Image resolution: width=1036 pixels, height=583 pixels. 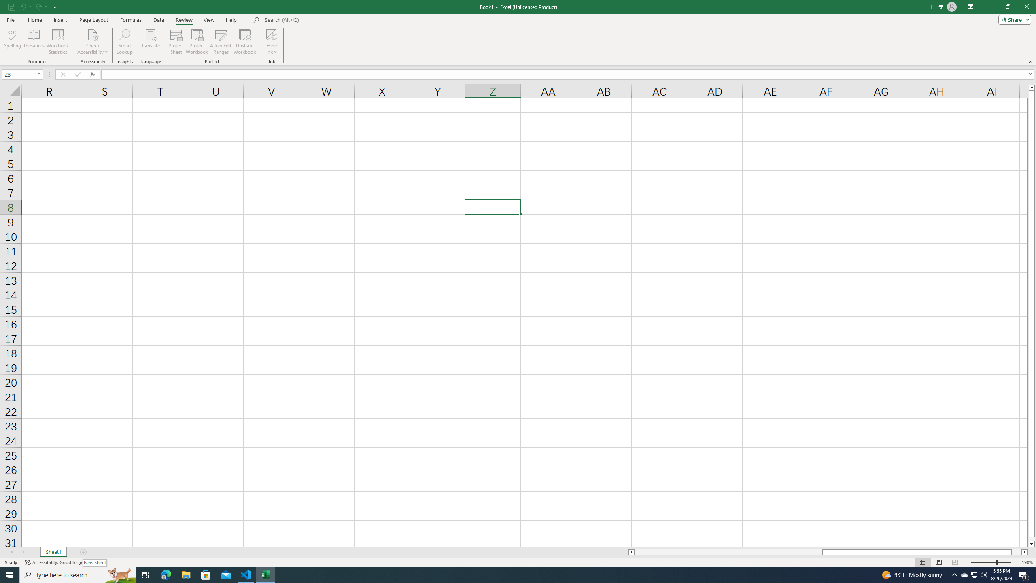 I want to click on 'Smart Lookup', so click(x=124, y=42).